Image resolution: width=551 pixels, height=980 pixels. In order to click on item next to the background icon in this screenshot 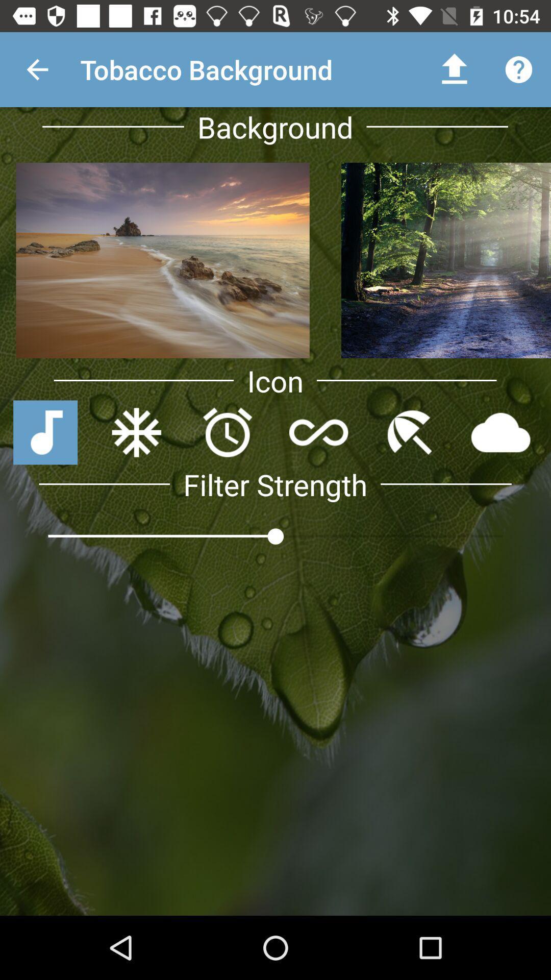, I will do `click(454, 69)`.